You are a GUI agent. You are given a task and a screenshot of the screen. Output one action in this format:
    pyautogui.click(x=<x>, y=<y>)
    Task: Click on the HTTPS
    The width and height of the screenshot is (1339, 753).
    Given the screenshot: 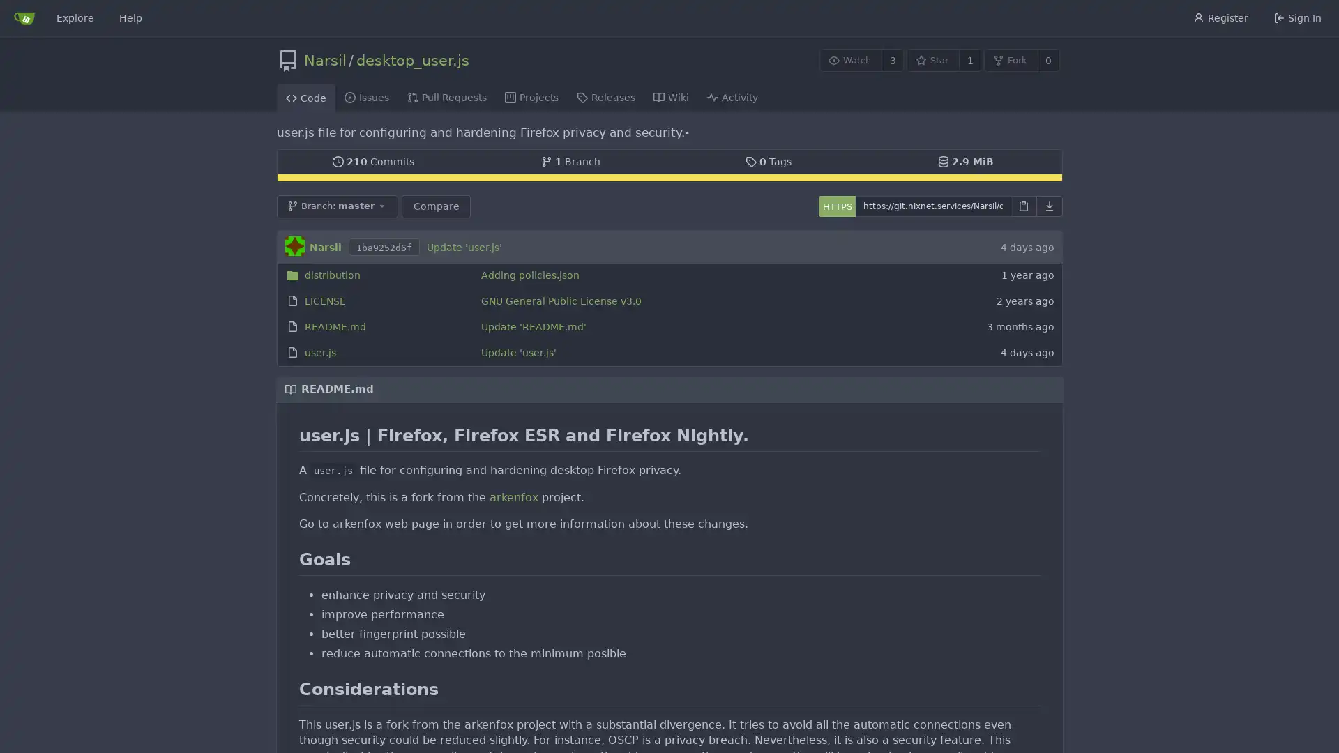 What is the action you would take?
    pyautogui.click(x=836, y=206)
    